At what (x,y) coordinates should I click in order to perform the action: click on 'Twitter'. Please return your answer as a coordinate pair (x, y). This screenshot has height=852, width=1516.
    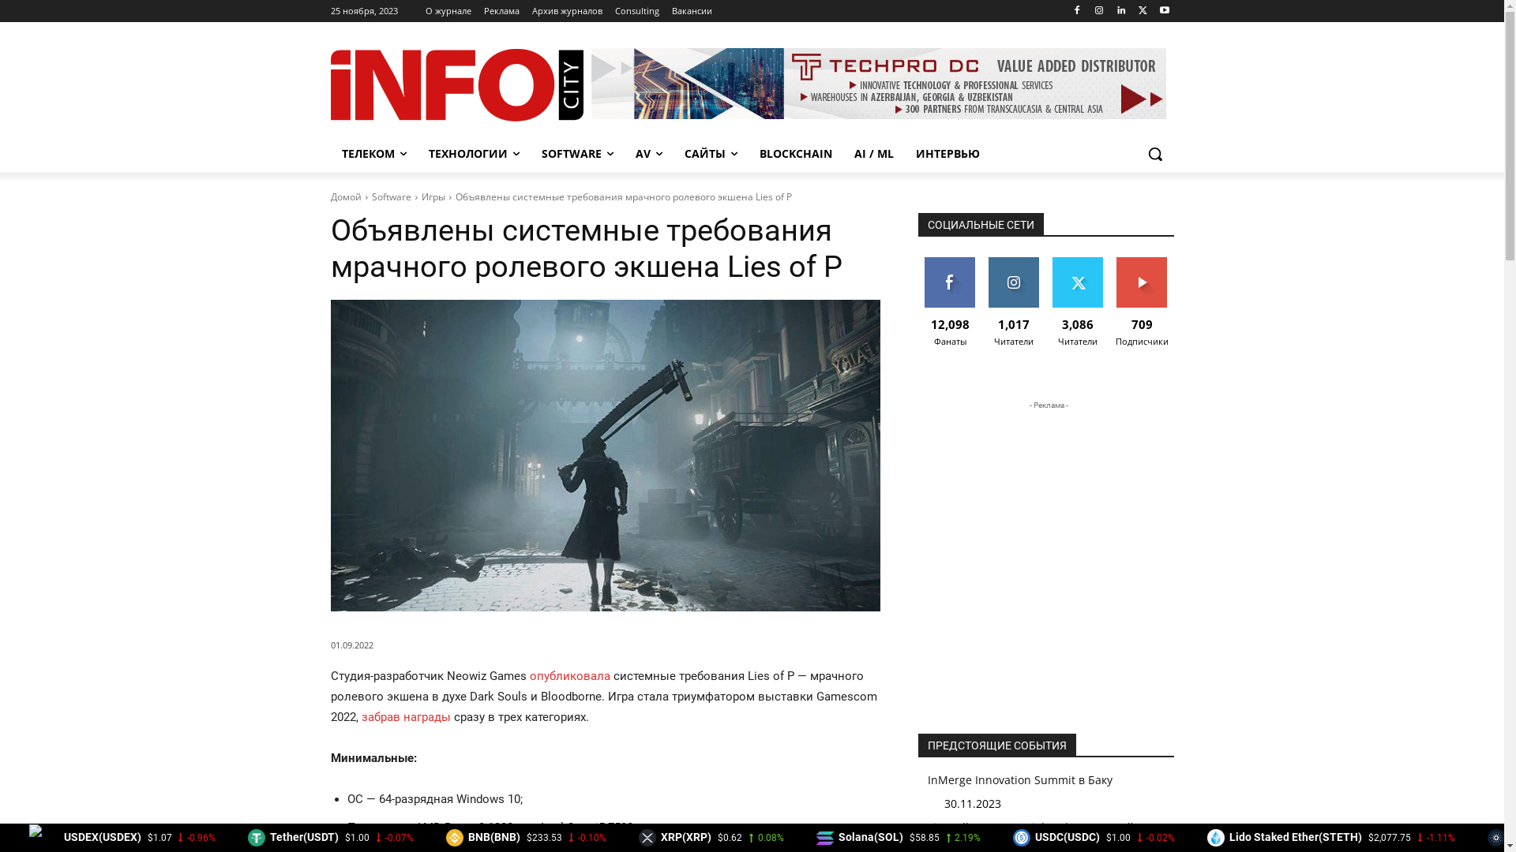
    Looking at the image, I should click on (1132, 10).